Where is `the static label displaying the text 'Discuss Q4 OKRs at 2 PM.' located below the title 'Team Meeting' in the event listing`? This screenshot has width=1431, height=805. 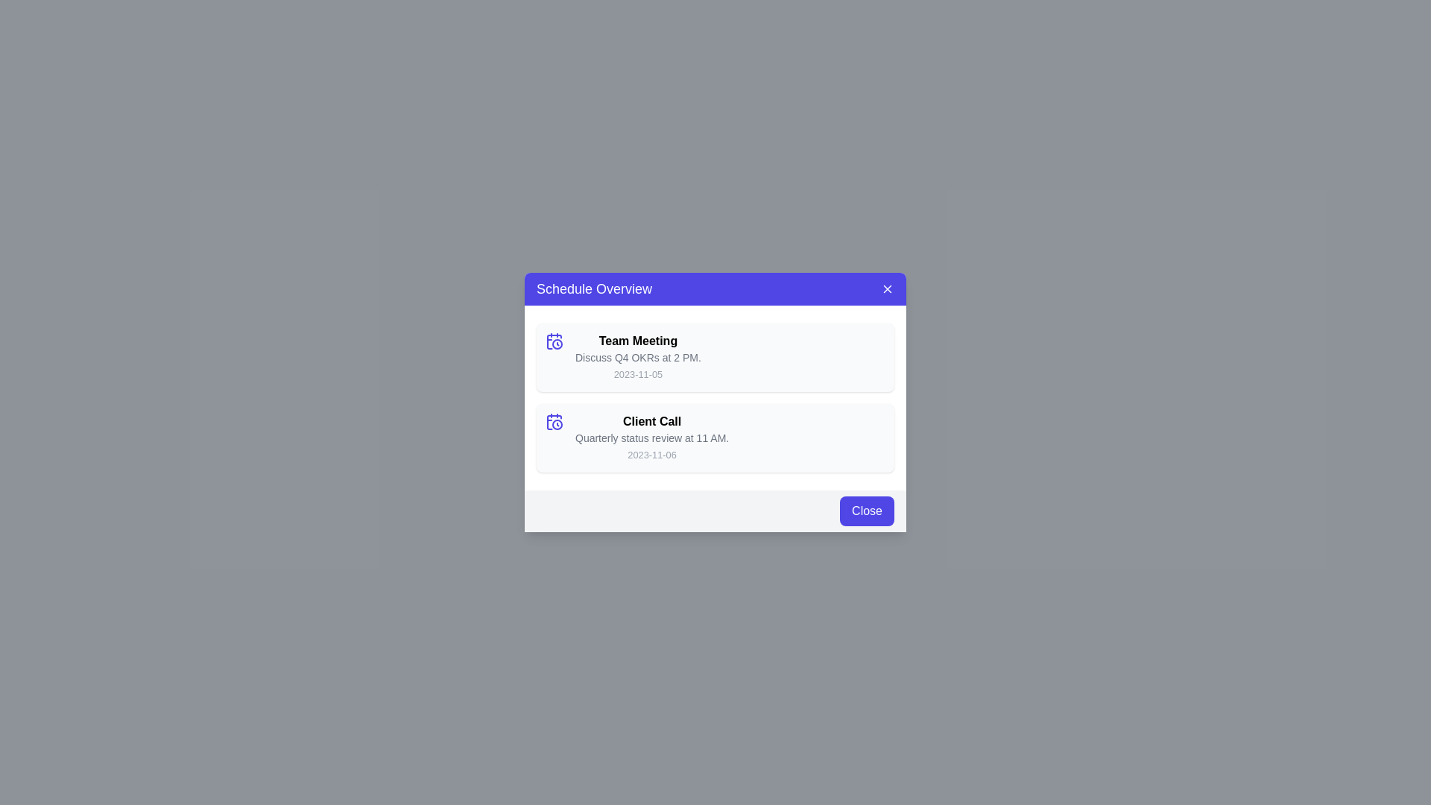
the static label displaying the text 'Discuss Q4 OKRs at 2 PM.' located below the title 'Team Meeting' in the event listing is located at coordinates (638, 357).